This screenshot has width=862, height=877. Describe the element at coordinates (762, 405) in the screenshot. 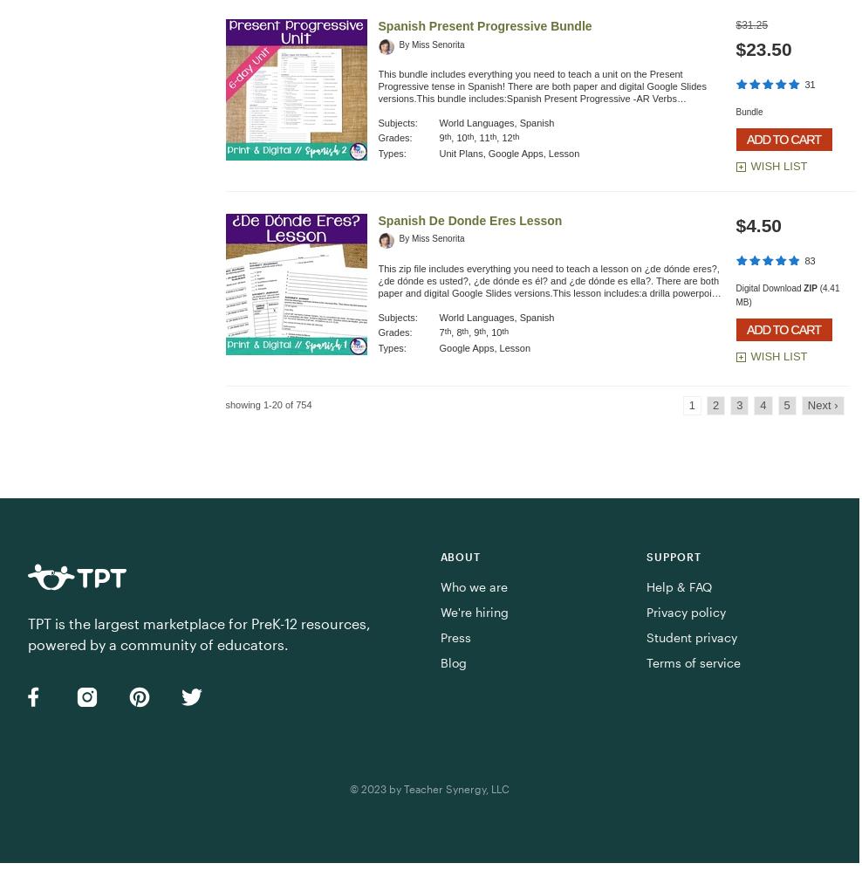

I see `'4'` at that location.